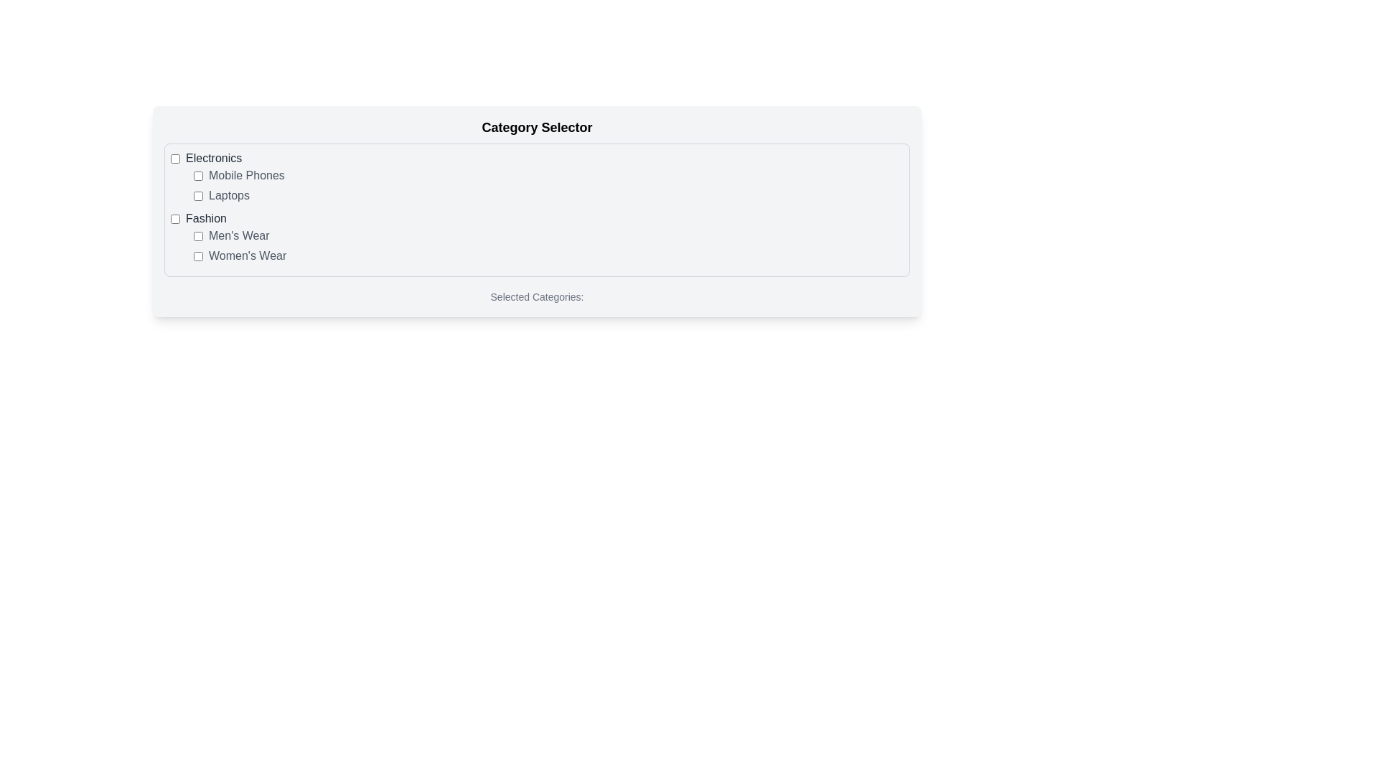 This screenshot has height=775, width=1378. Describe the element at coordinates (197, 175) in the screenshot. I see `the 'Mobile Phones' checkbox` at that location.